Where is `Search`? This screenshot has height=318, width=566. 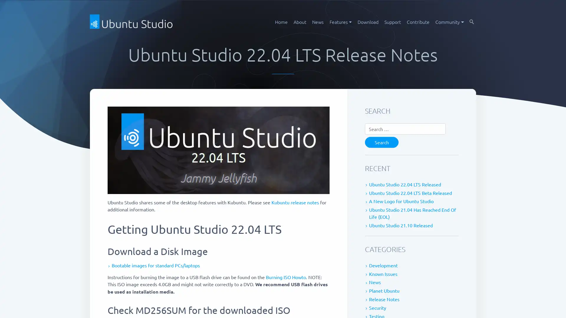
Search is located at coordinates (382, 142).